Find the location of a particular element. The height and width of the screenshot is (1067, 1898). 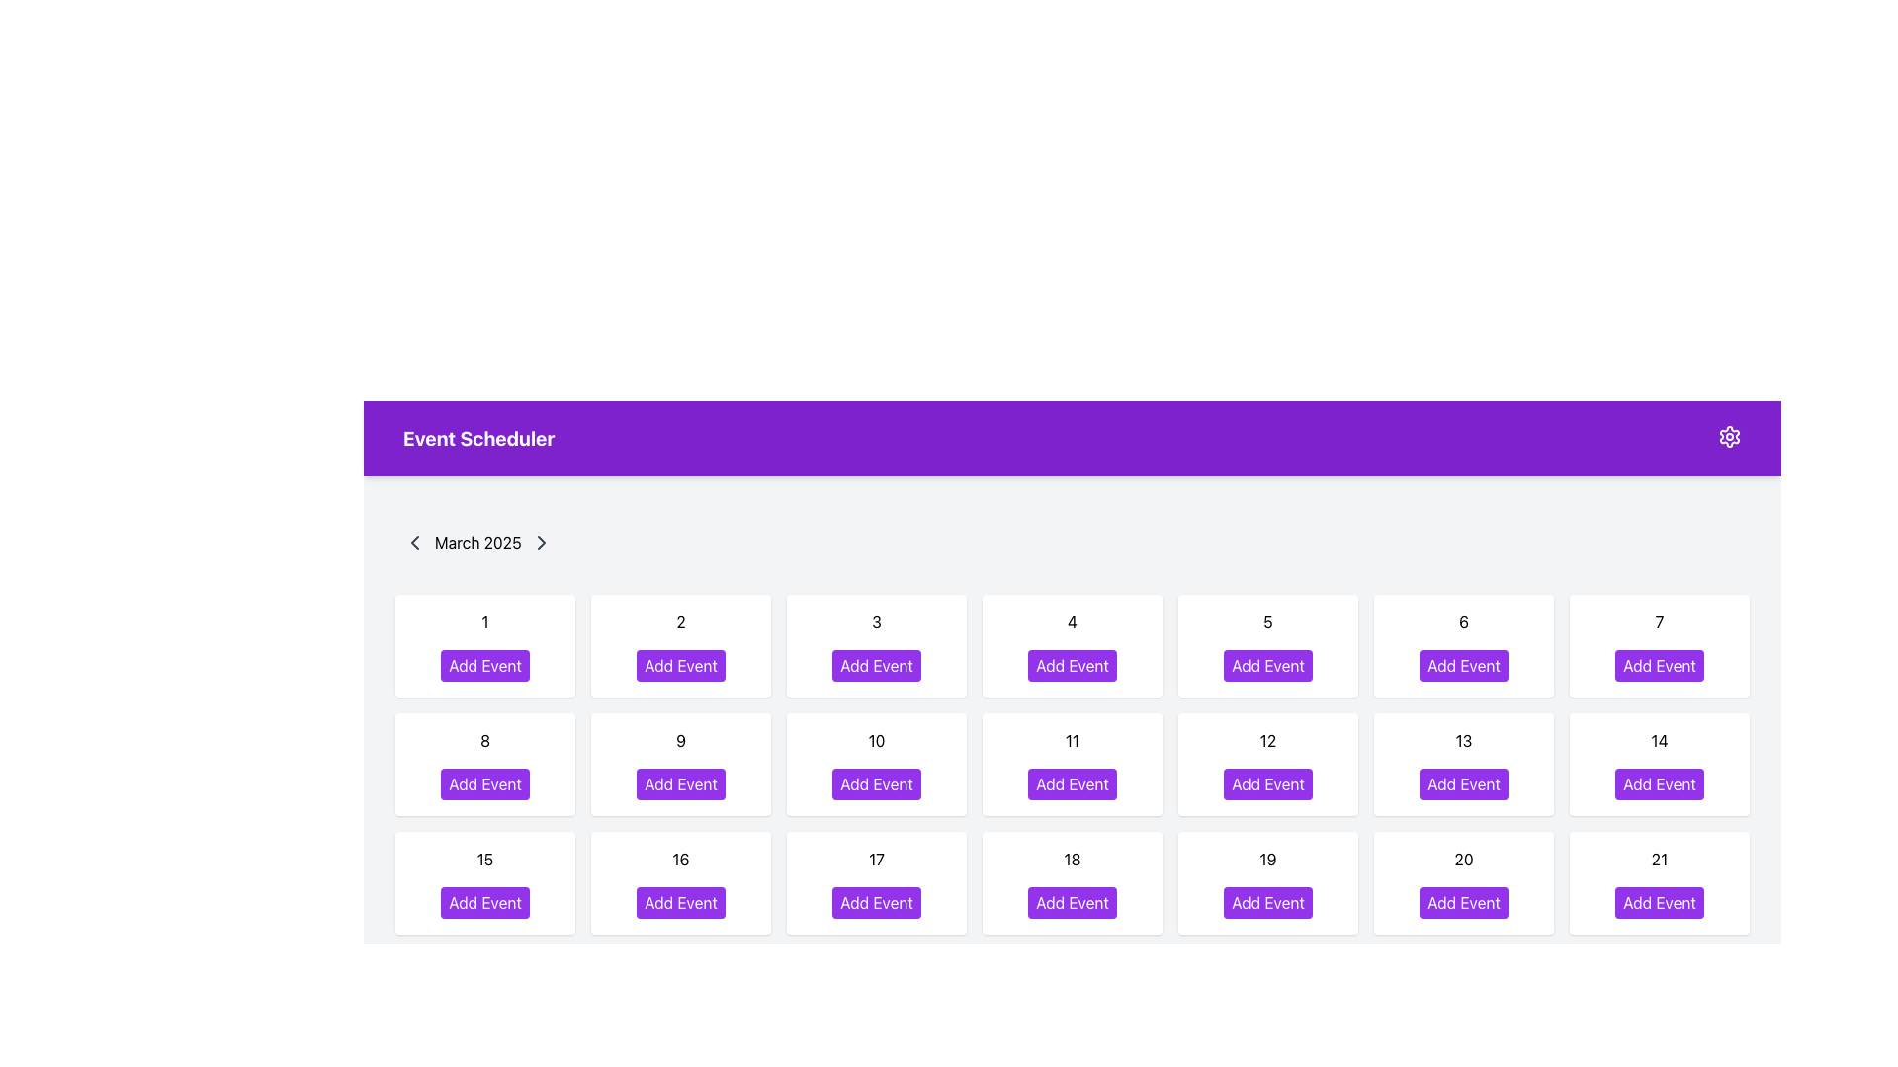

the 'Add Event' button, which is a rectangular button with rounded corners located in the fourth column of the top row of the calendar grid, positioned below the numeric label '4' is located at coordinates (1071, 666).